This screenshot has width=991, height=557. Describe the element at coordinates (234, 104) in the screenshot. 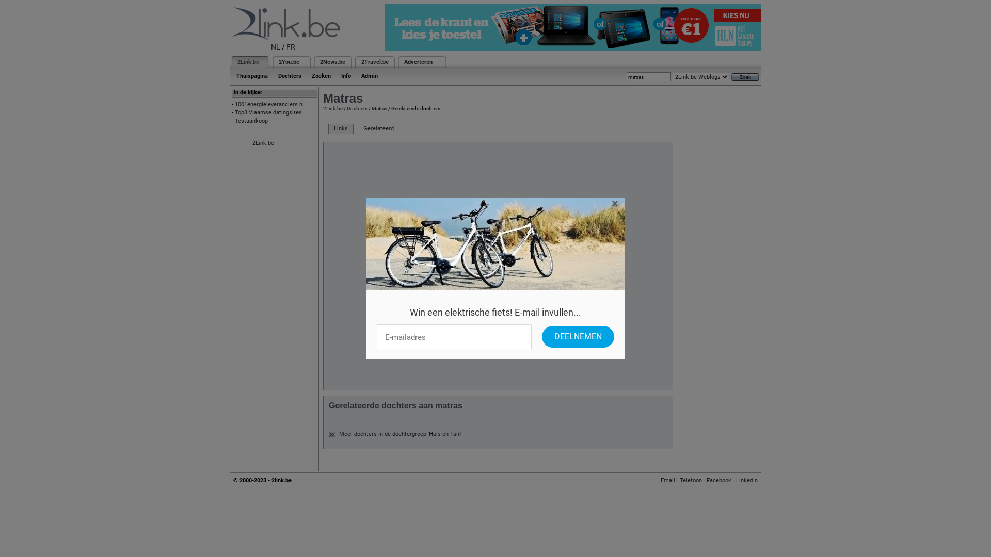

I see `'1001energieleveranciers.nl'` at that location.